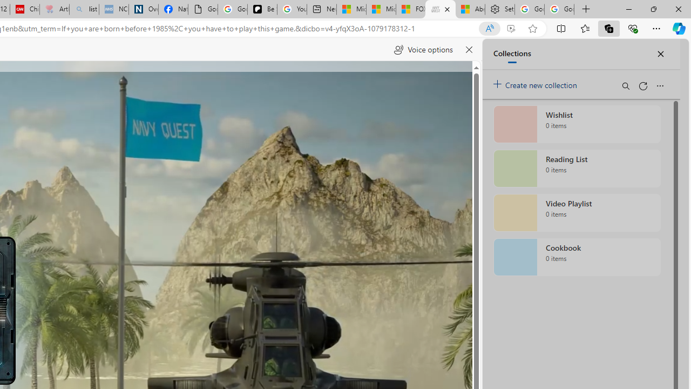  Describe the element at coordinates (561, 28) in the screenshot. I see `'Split screen'` at that location.